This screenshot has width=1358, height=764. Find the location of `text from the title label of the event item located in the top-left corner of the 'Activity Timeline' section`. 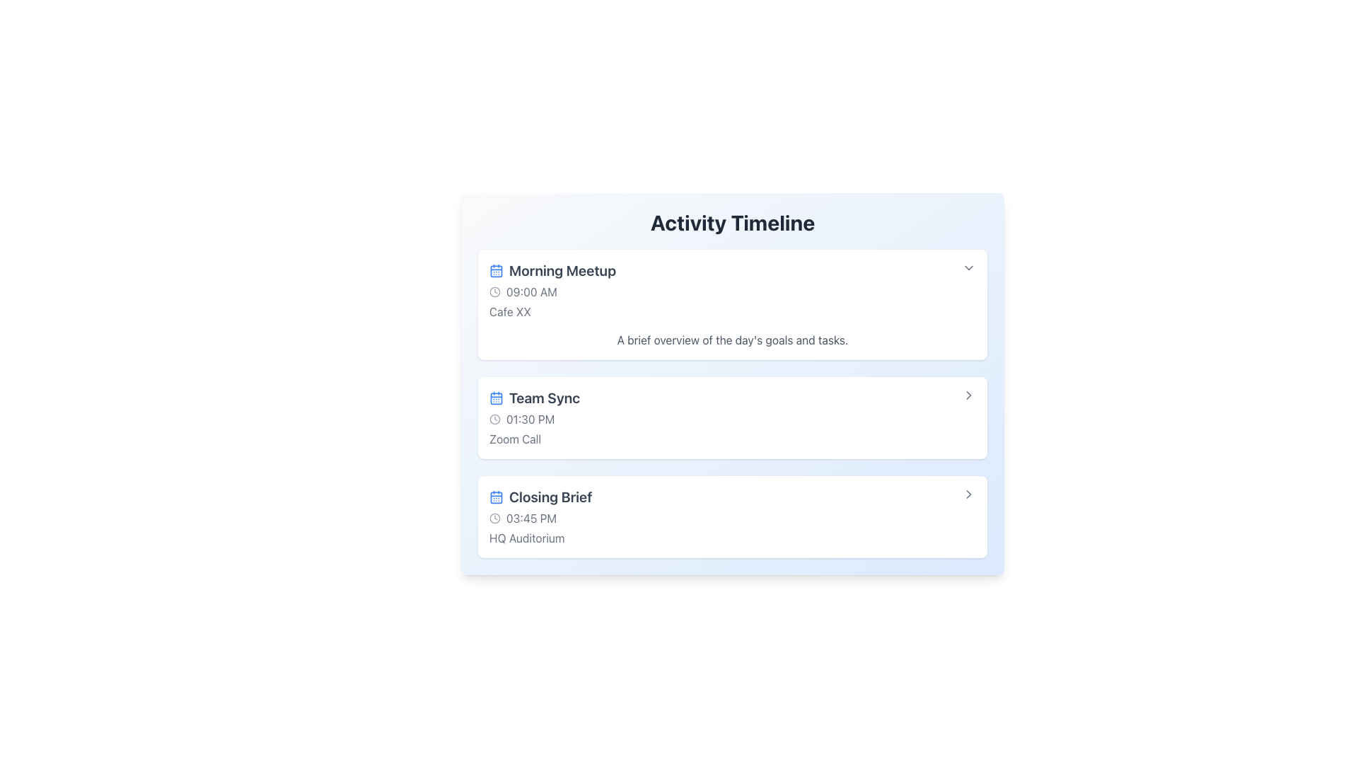

text from the title label of the event item located in the top-left corner of the 'Activity Timeline' section is located at coordinates (534, 398).